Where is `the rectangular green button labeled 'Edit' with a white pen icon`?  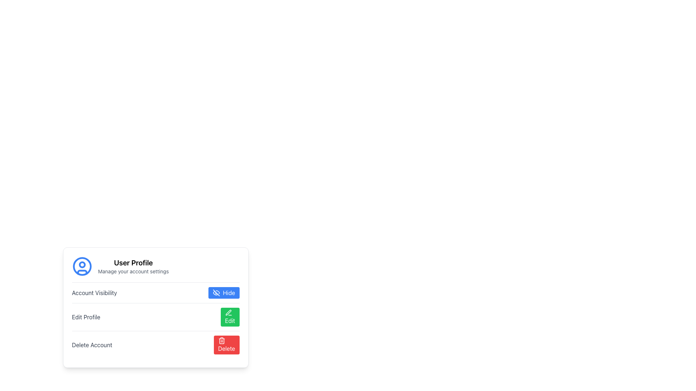
the rectangular green button labeled 'Edit' with a white pen icon is located at coordinates (229, 316).